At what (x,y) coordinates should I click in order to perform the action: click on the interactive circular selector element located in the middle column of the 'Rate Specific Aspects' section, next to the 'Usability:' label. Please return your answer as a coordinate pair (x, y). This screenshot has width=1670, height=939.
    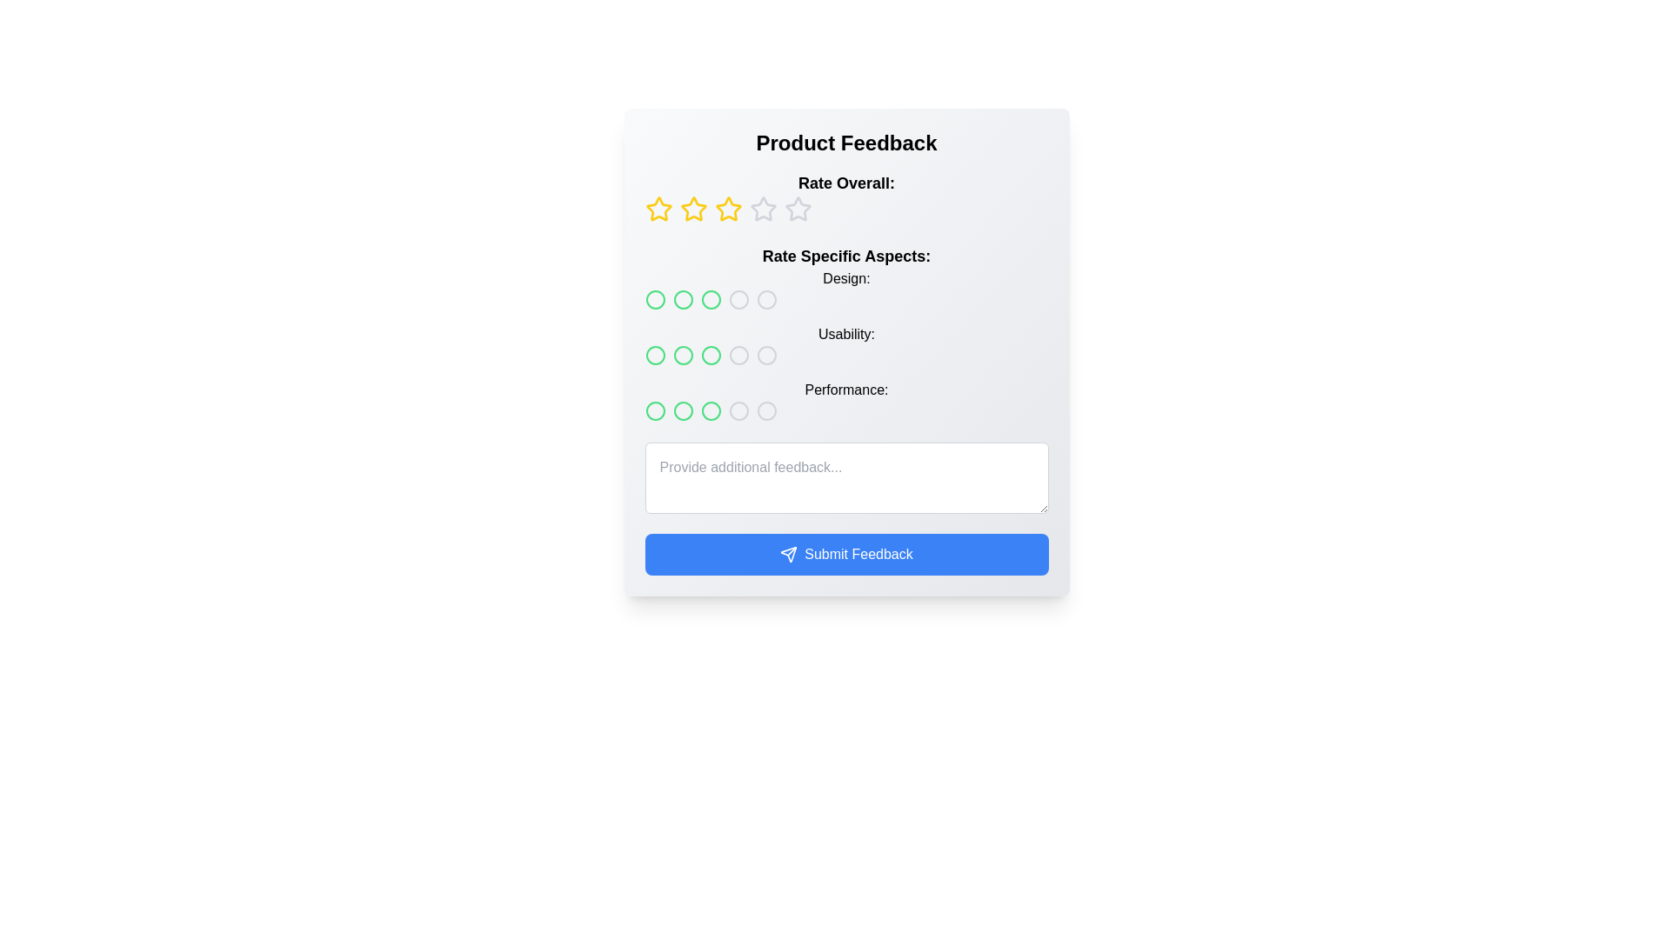
    Looking at the image, I should click on (765, 354).